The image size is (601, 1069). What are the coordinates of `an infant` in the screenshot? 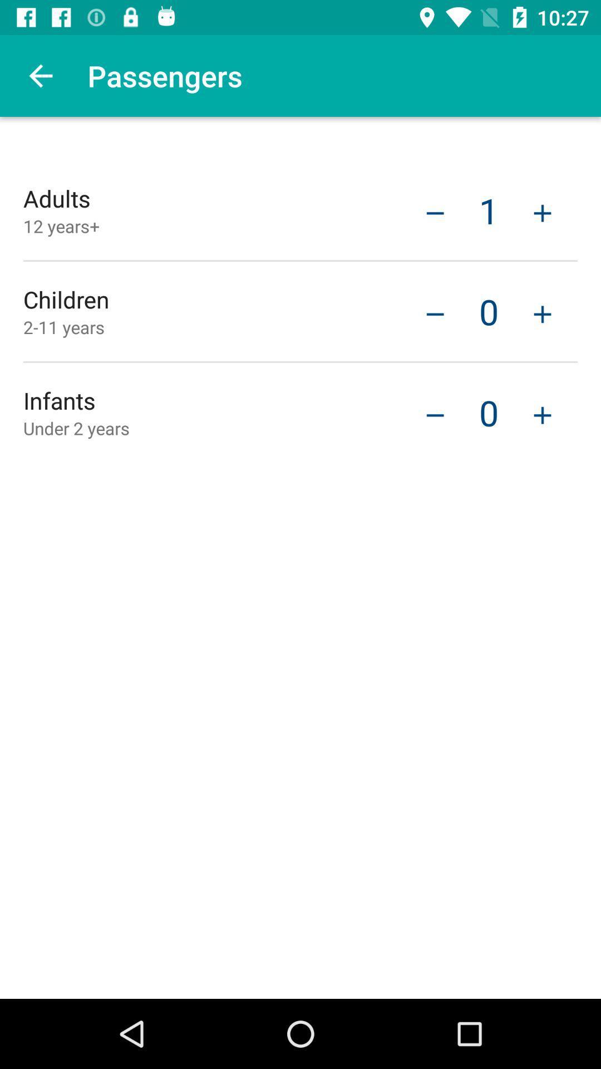 It's located at (542, 413).